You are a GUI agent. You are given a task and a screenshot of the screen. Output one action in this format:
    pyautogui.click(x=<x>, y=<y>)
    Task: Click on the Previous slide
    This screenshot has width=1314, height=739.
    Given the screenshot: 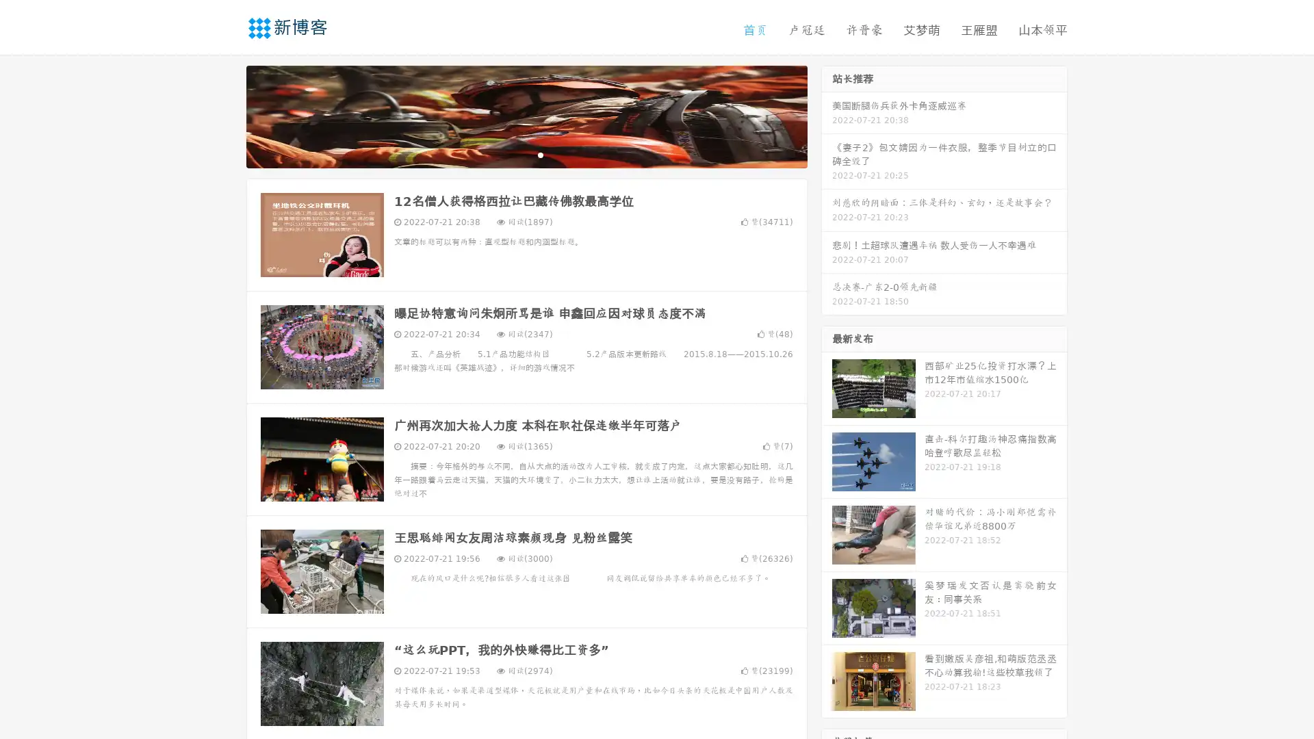 What is the action you would take?
    pyautogui.click(x=226, y=115)
    